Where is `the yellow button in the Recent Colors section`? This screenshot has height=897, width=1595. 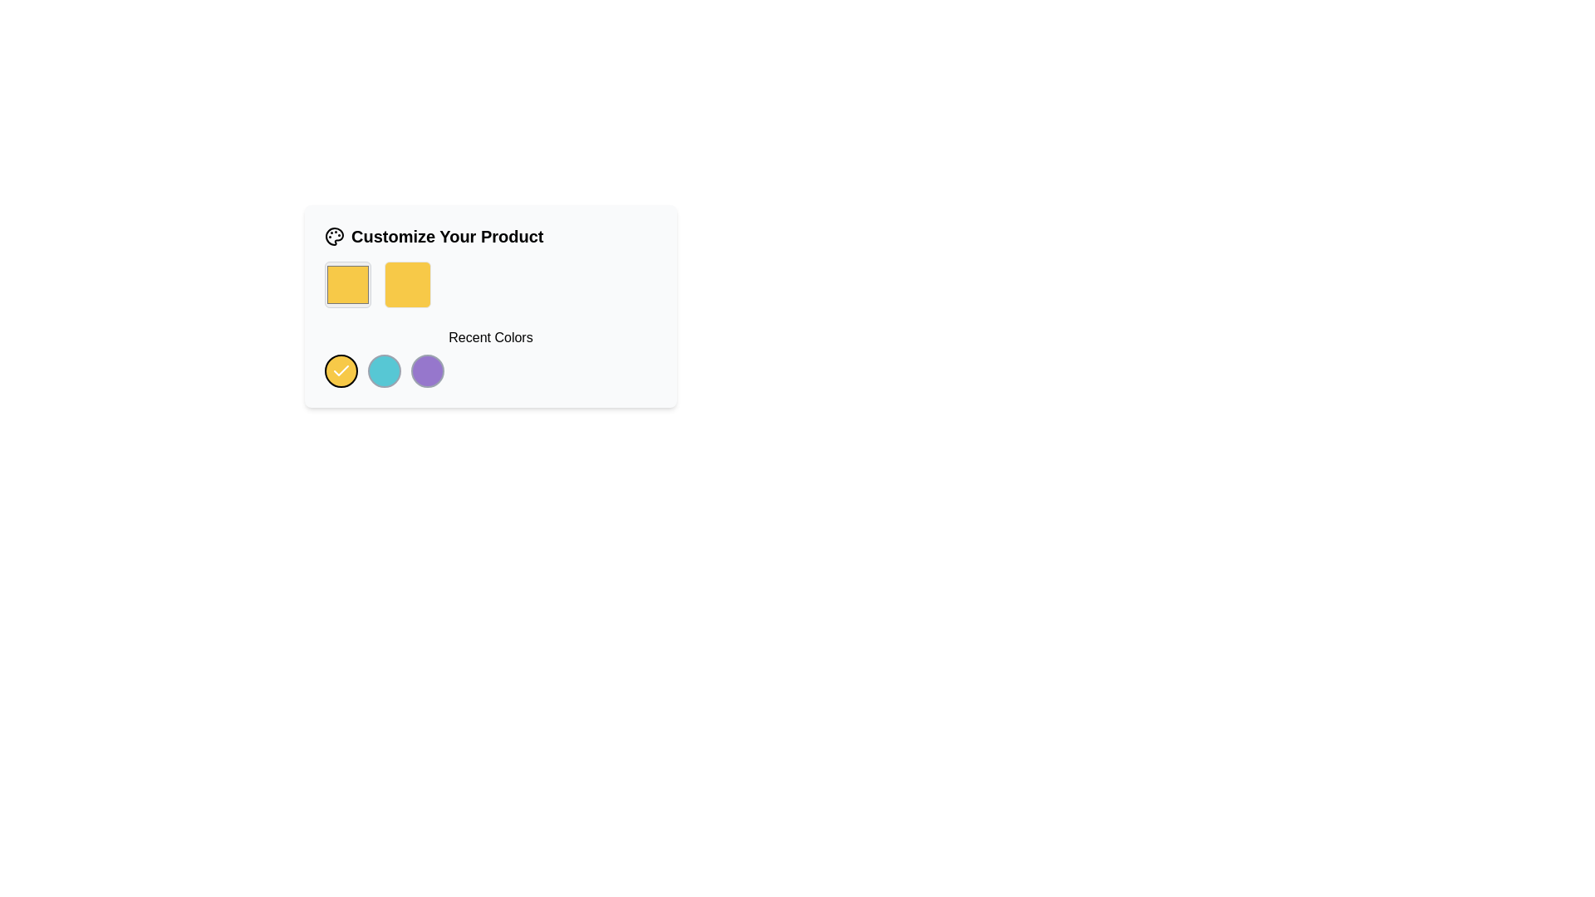 the yellow button in the Recent Colors section is located at coordinates (489, 370).